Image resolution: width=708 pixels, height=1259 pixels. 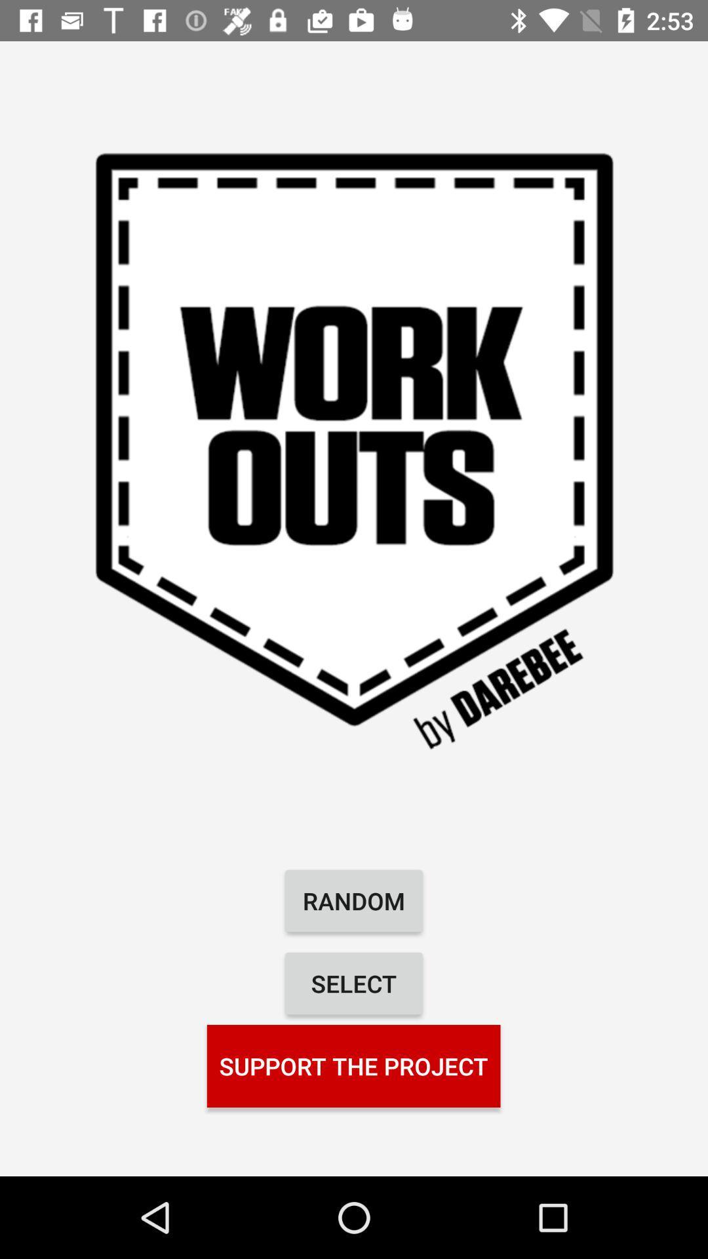 What do you see at coordinates (353, 1066) in the screenshot?
I see `icon below the select icon` at bounding box center [353, 1066].